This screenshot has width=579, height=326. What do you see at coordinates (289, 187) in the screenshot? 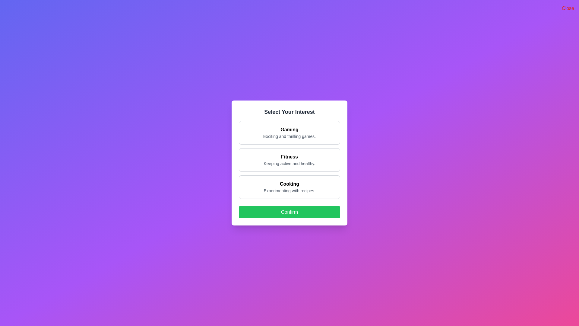
I see `the interest option Cooking to view its hover effect` at bounding box center [289, 187].